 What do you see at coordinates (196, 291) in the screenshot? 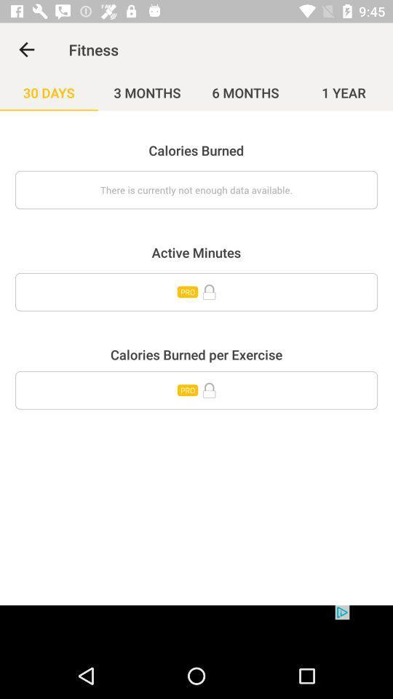
I see `autoplay option` at bounding box center [196, 291].